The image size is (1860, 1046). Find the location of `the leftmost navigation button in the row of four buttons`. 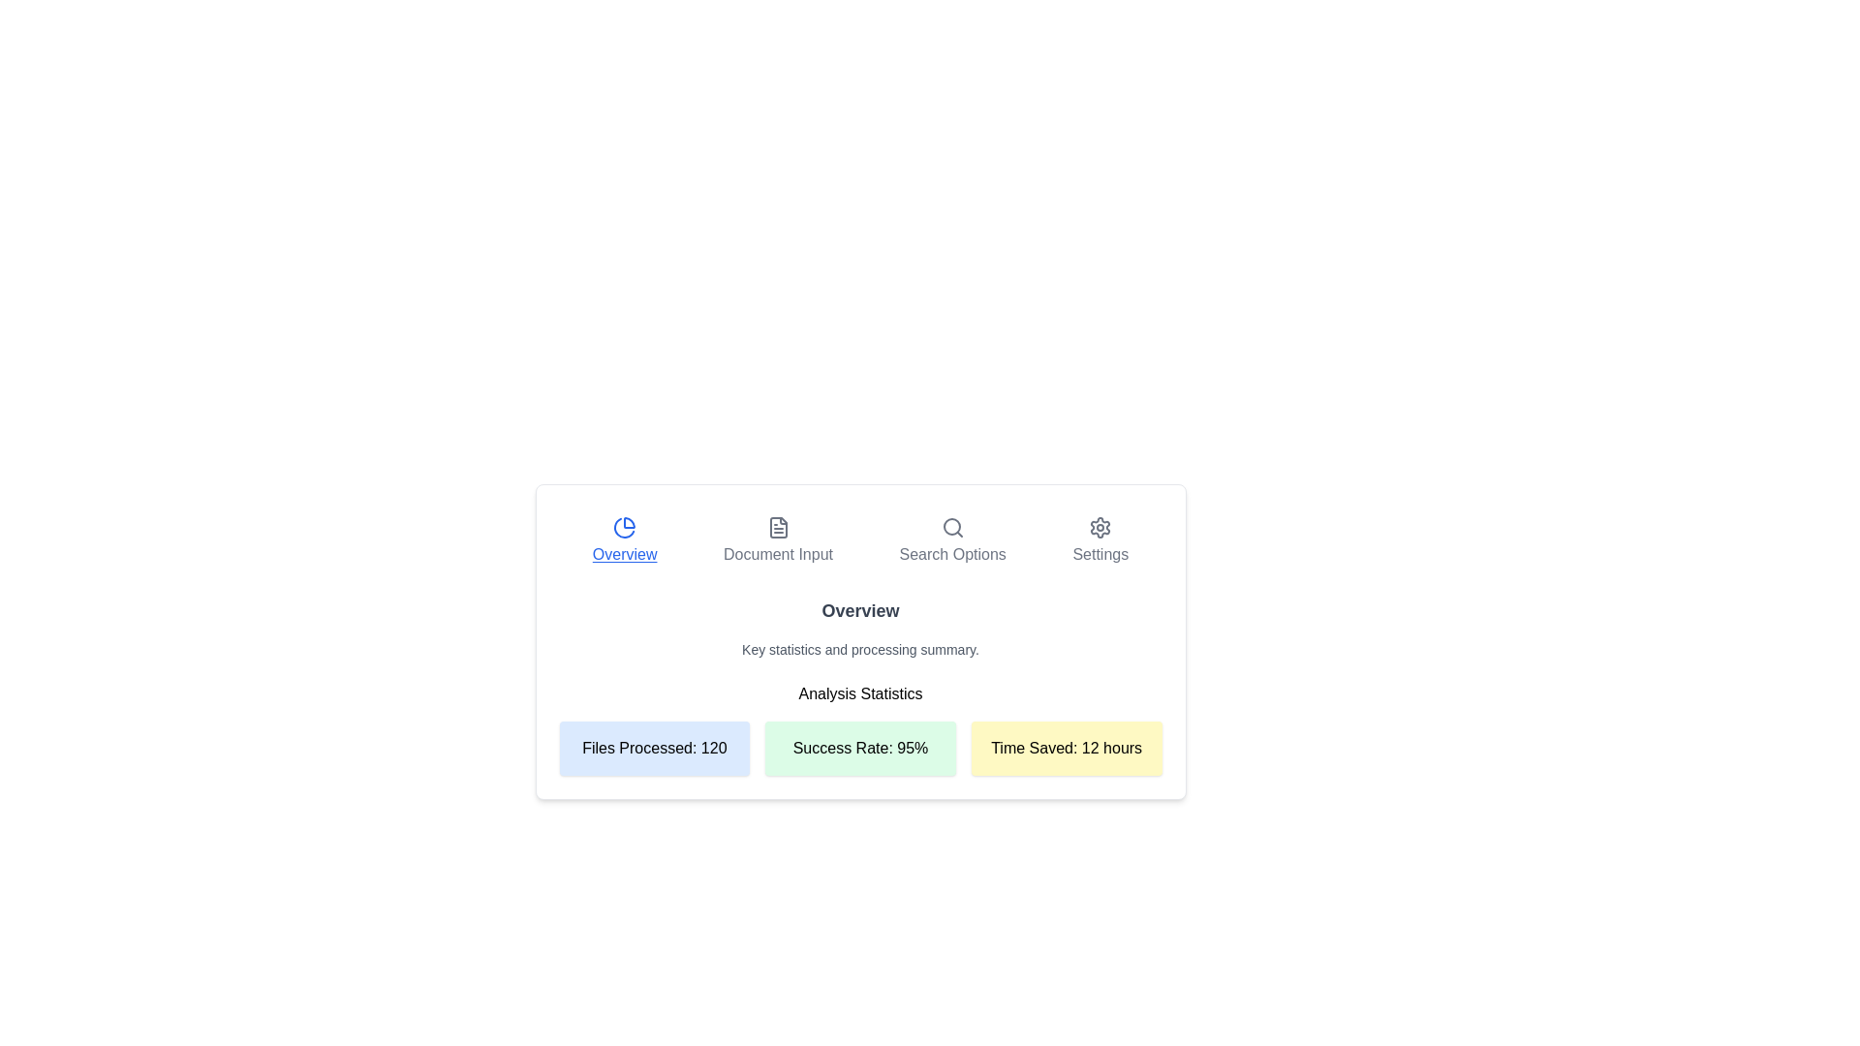

the leftmost navigation button in the row of four buttons is located at coordinates (625, 541).